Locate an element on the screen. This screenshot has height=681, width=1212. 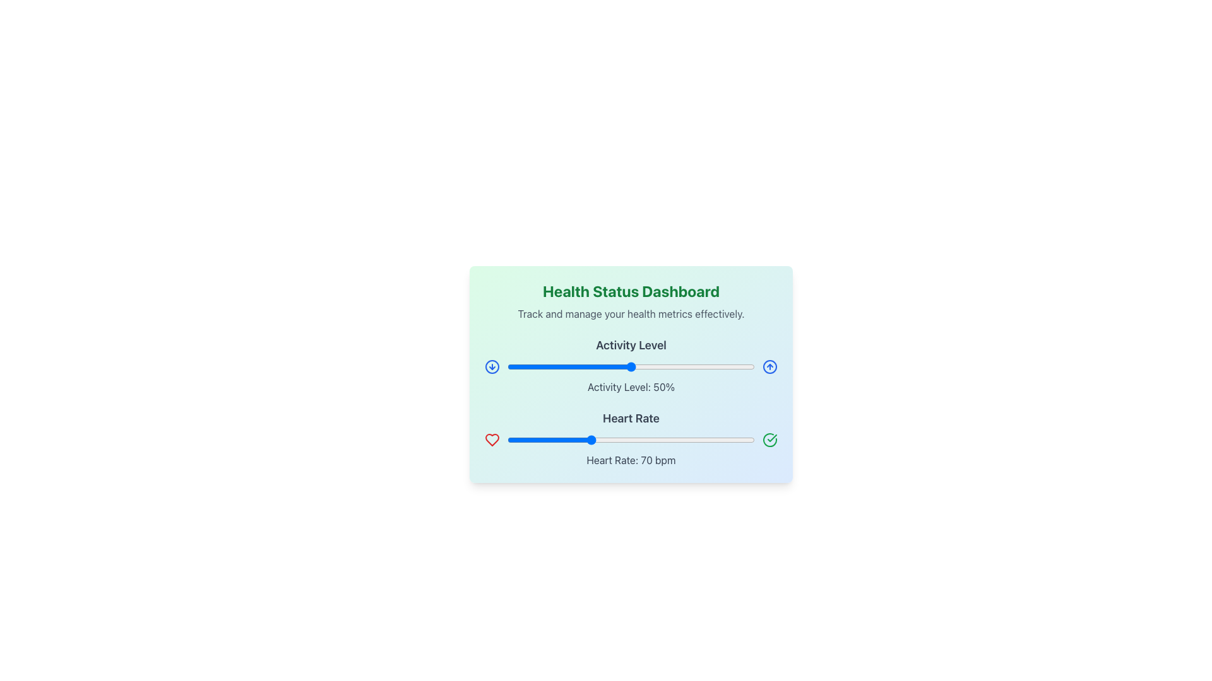
heart rate is located at coordinates (698, 439).